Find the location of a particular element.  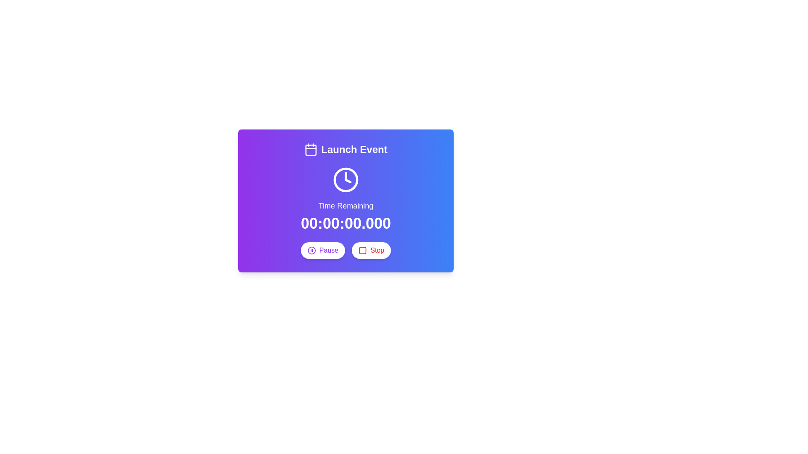

the clock icon SVG graphic that is located above the 'Time Remaining' text is located at coordinates (346, 179).